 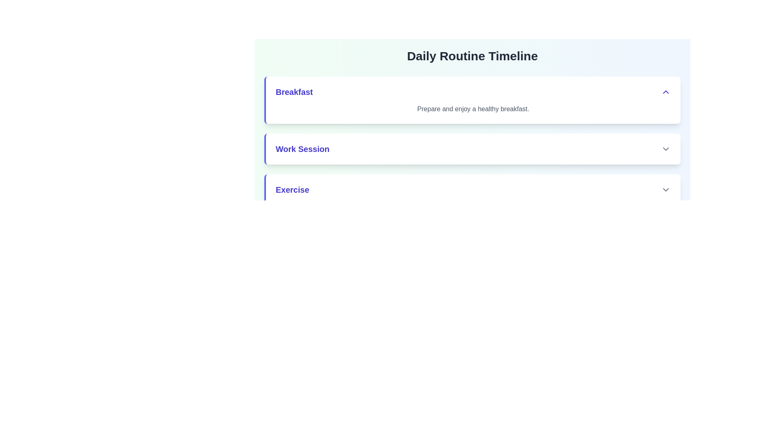 I want to click on the indigo upwards-pointing chevron icon located to the far right within the 'Breakfast' row, so click(x=666, y=92).